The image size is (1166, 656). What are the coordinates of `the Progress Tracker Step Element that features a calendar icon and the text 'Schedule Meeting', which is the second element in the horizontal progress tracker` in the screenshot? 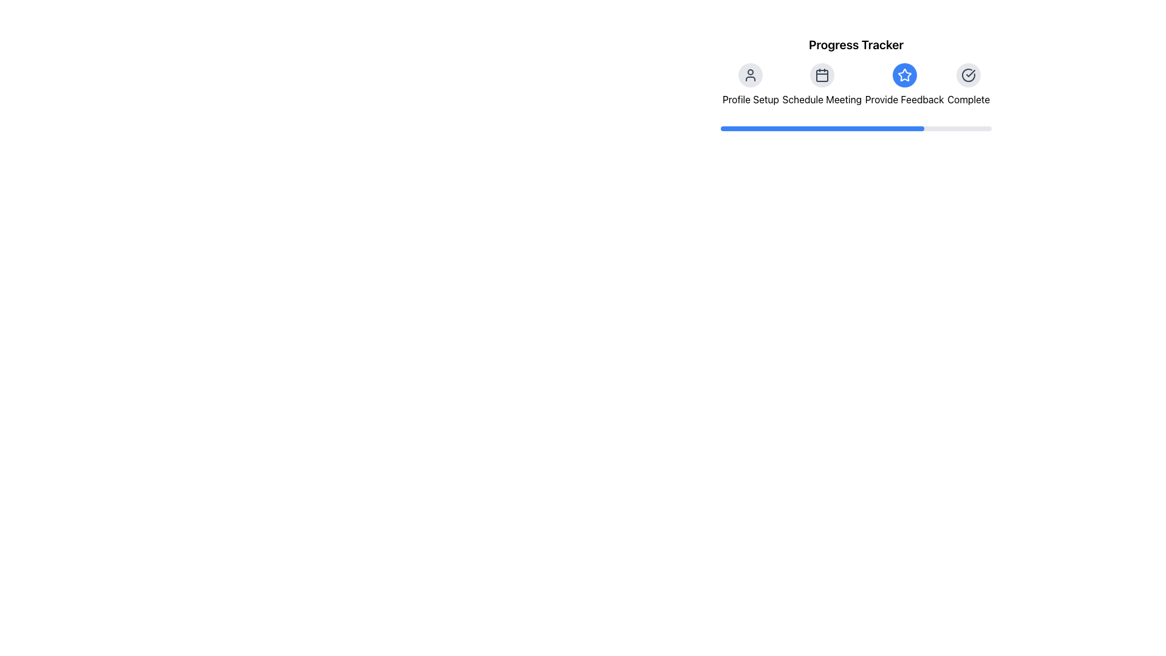 It's located at (822, 84).